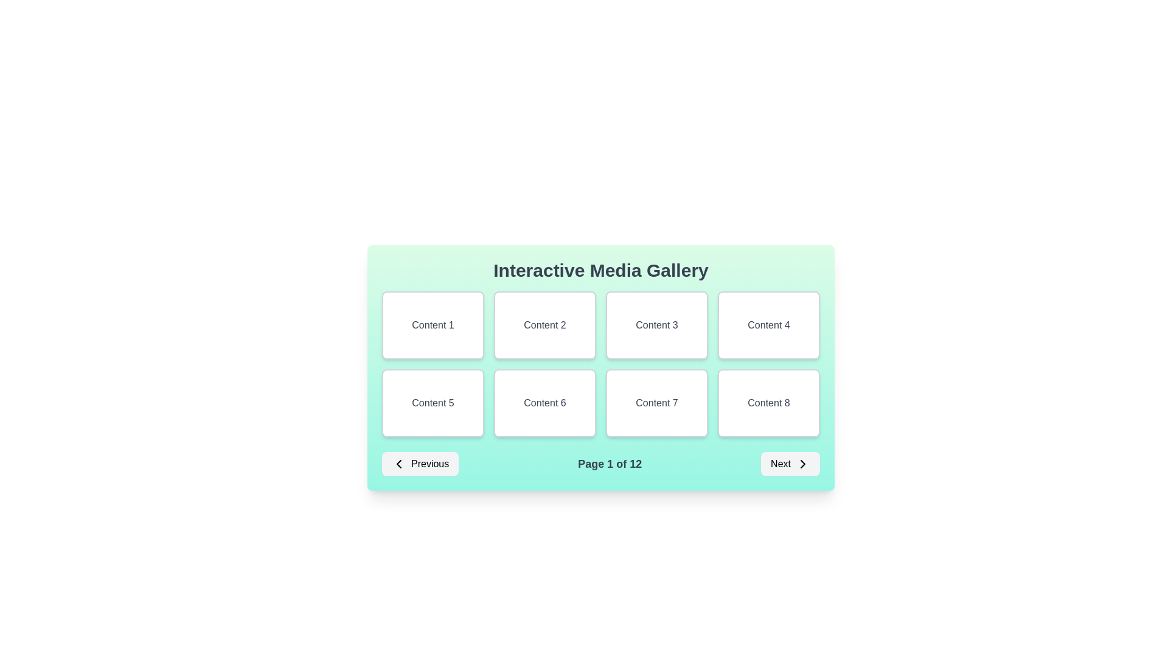  What do you see at coordinates (433, 403) in the screenshot?
I see `the Card located in the second row, first column of the grid` at bounding box center [433, 403].